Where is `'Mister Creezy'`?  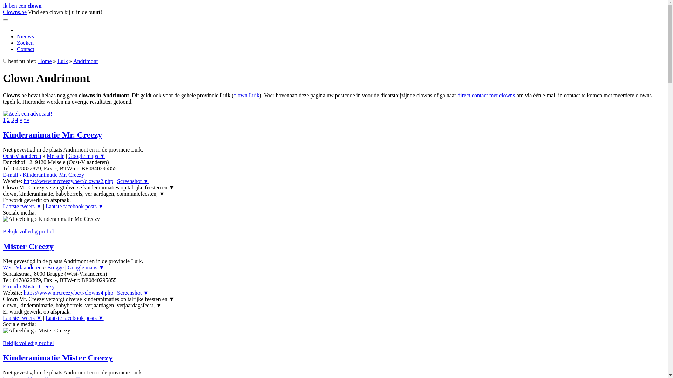 'Mister Creezy' is located at coordinates (28, 246).